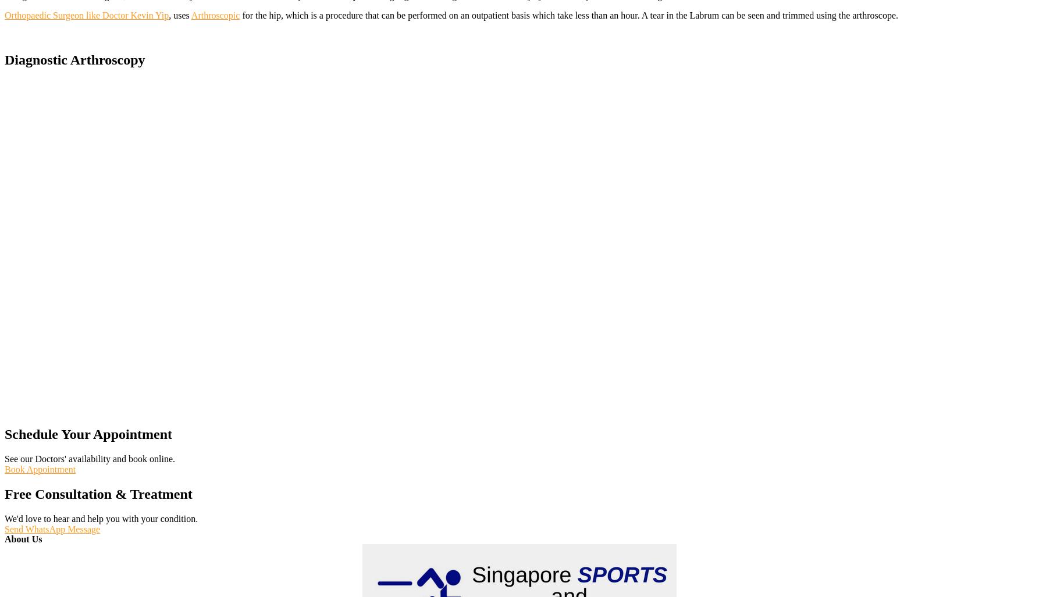  Describe the element at coordinates (97, 494) in the screenshot. I see `'Free Consultation & Treatment'` at that location.